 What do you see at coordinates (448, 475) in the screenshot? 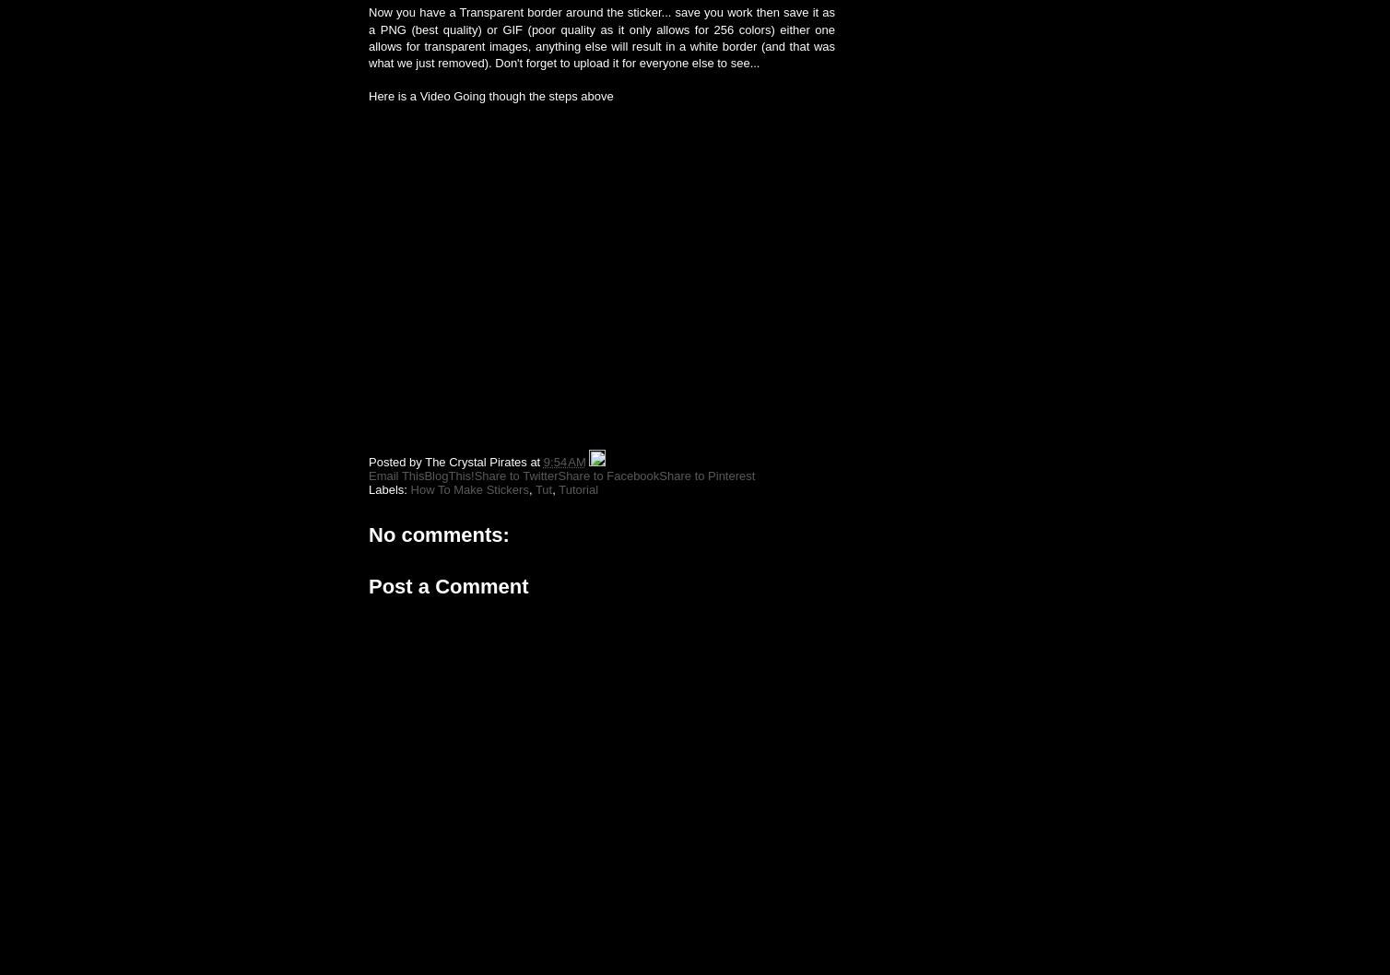
I see `'BlogThis!'` at bounding box center [448, 475].